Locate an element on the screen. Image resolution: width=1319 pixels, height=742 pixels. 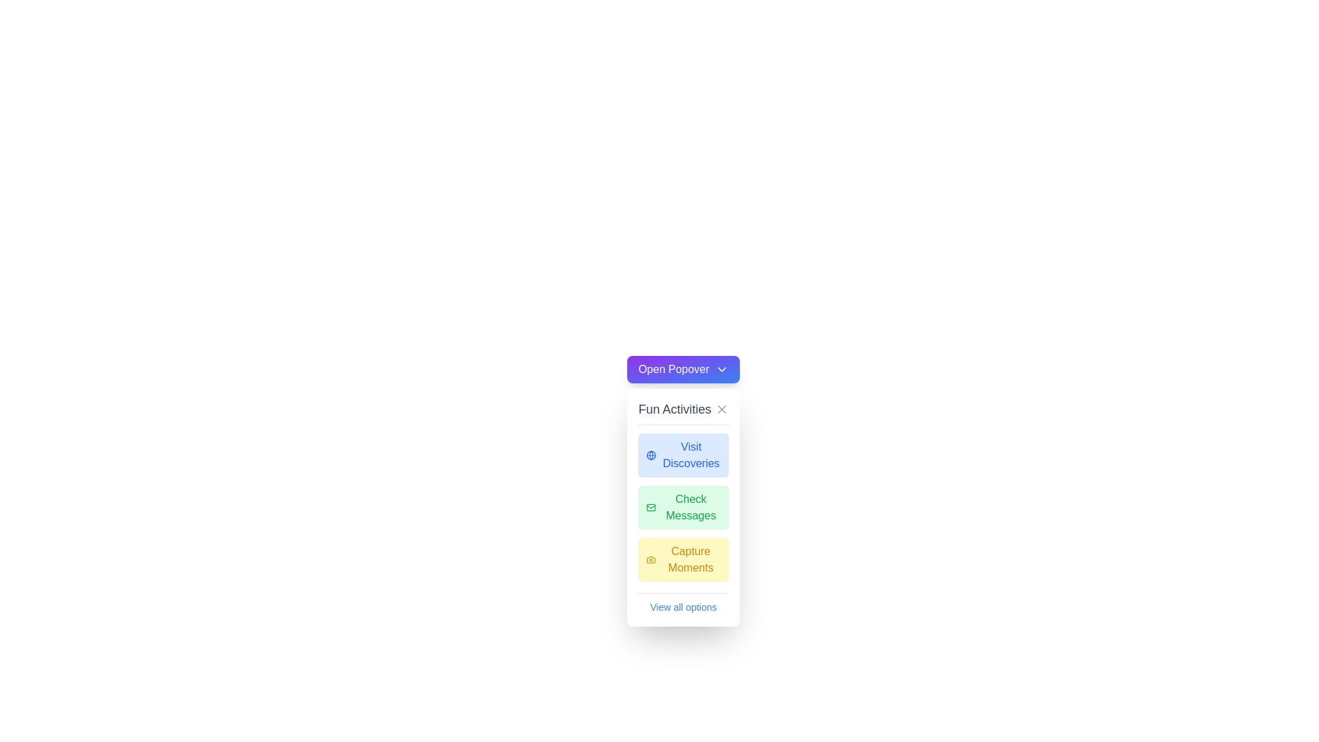
the 'Visit Discoveries' button, which is the uppermost button in the 'Fun Activities' group is located at coordinates (683, 456).